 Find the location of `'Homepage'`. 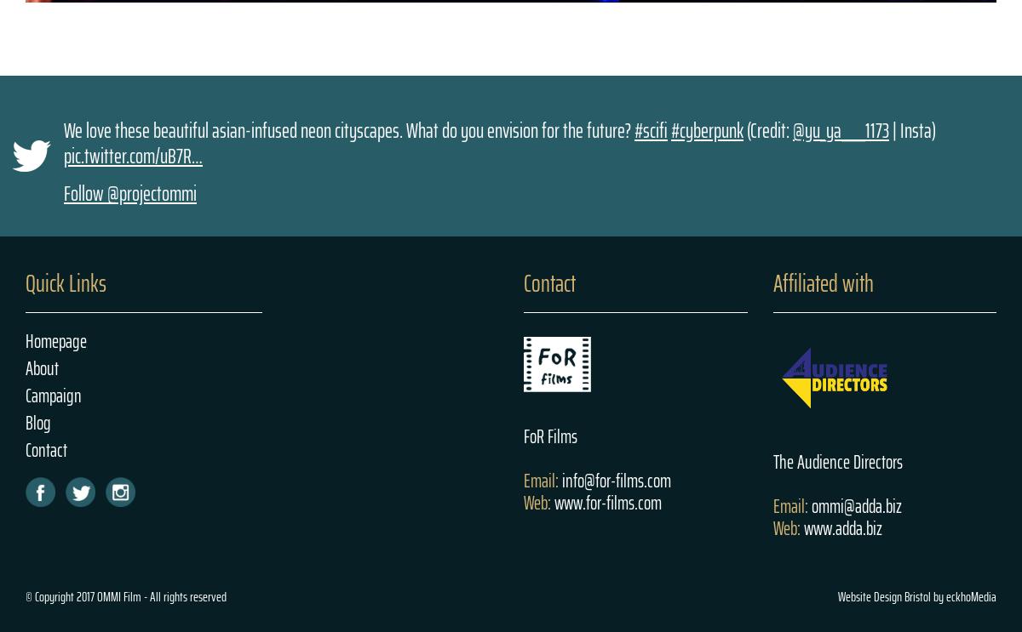

'Homepage' is located at coordinates (56, 341).